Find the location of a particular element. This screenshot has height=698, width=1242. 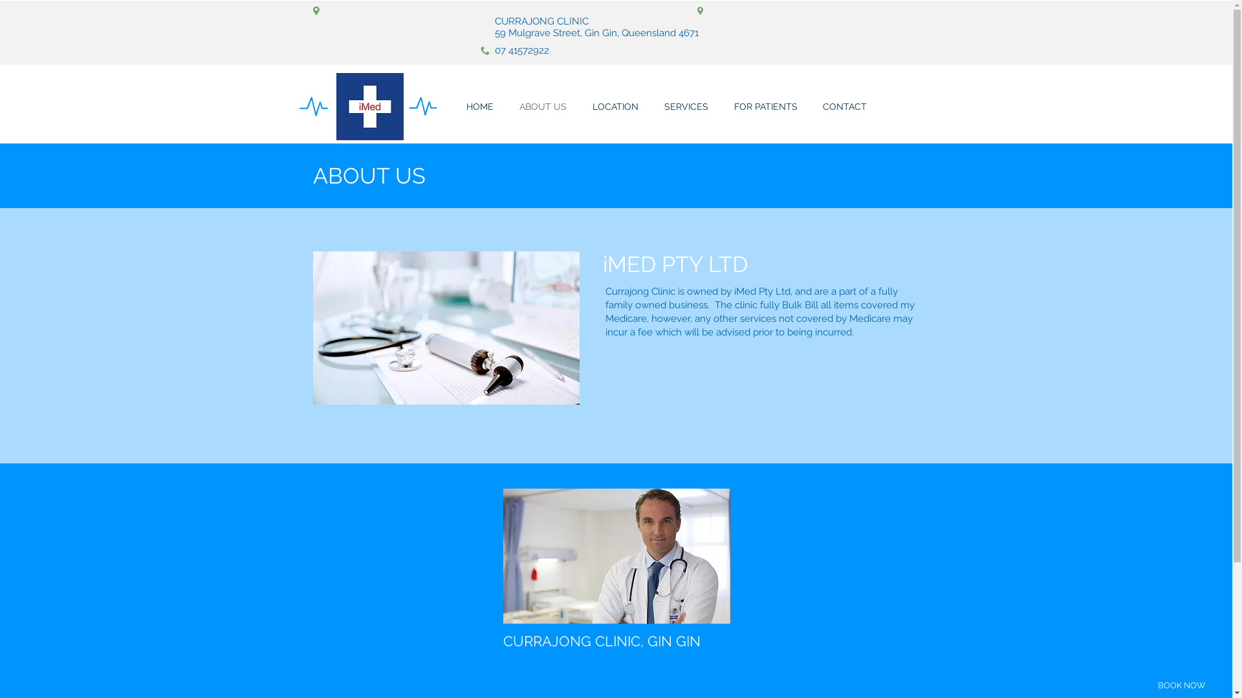

'FOR PATIENTS' is located at coordinates (719, 106).